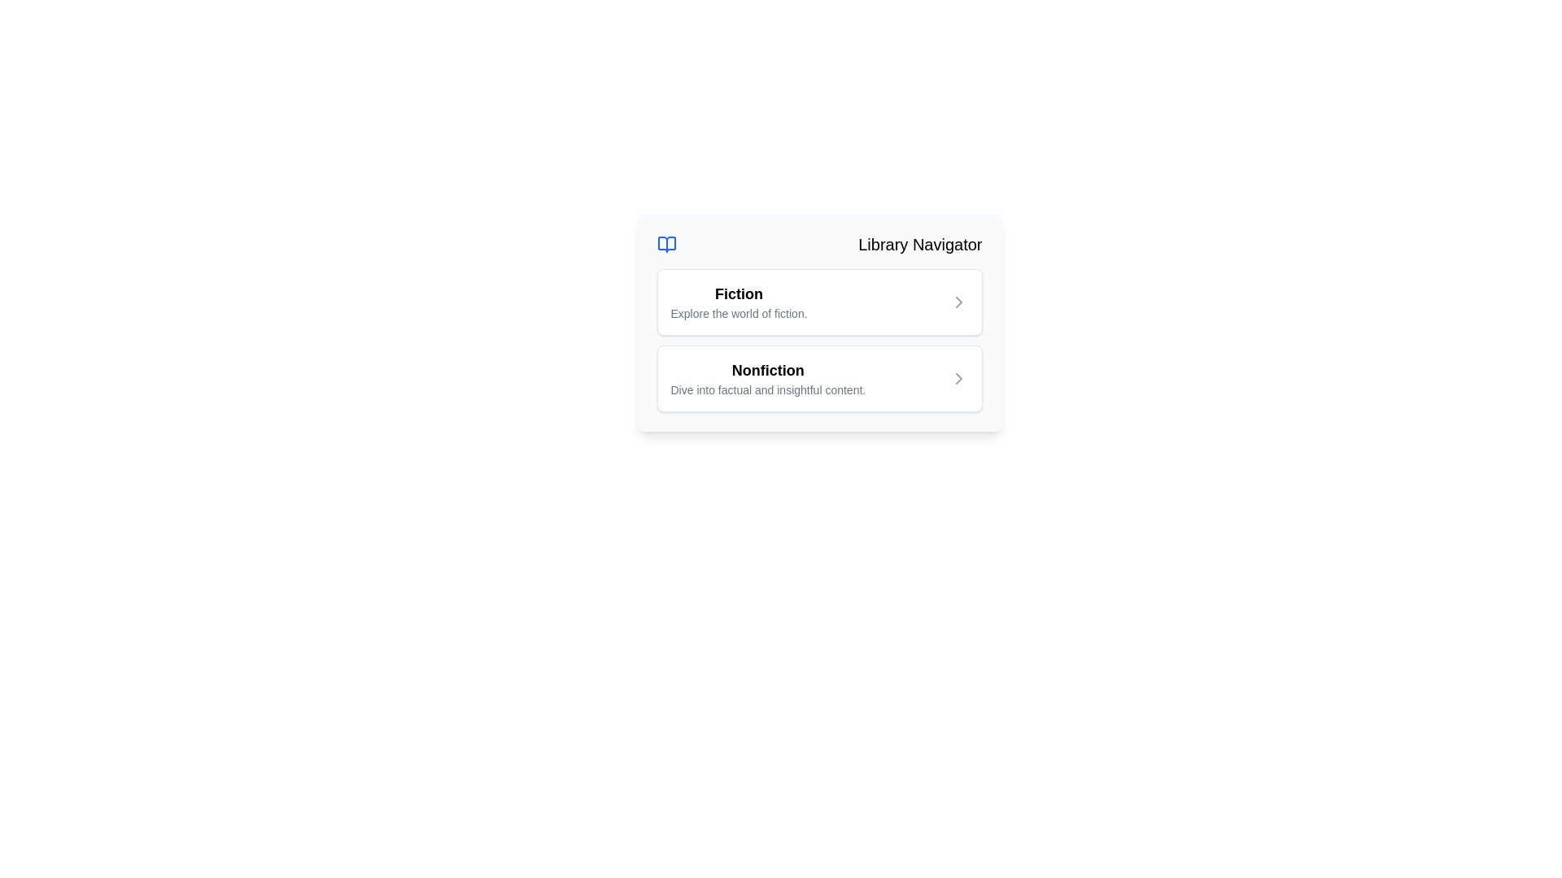 Image resolution: width=1562 pixels, height=878 pixels. What do you see at coordinates (958, 379) in the screenshot?
I see `the navigational chevron icon located on the far right of the second row in the library navigator card` at bounding box center [958, 379].